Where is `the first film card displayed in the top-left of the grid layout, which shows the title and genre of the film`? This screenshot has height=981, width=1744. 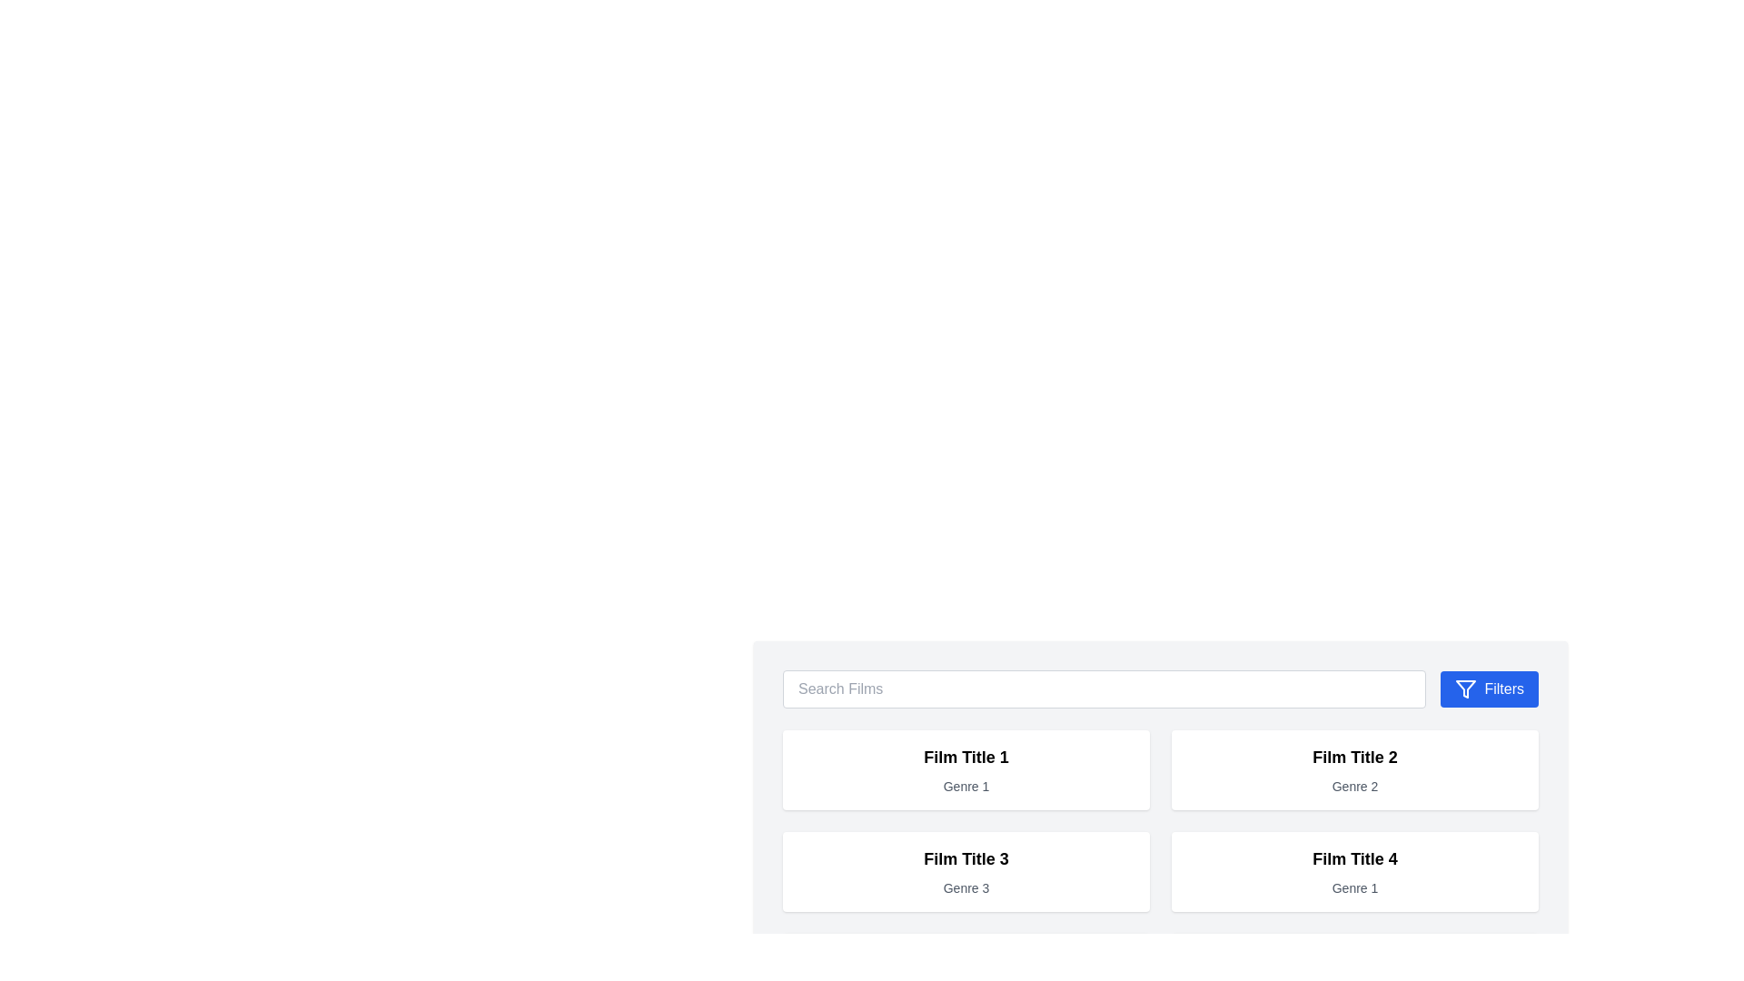 the first film card displayed in the top-left of the grid layout, which shows the title and genre of the film is located at coordinates (966, 770).